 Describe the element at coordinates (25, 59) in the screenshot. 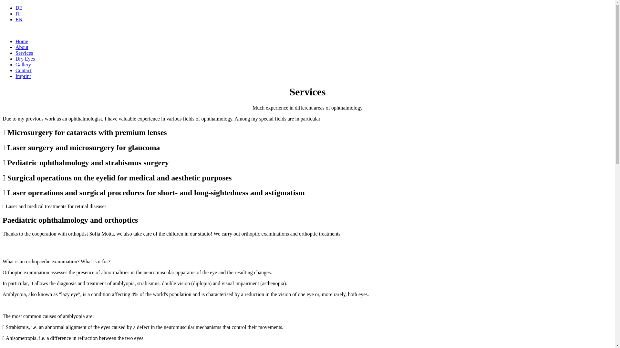

I see `'Dry Eyes'` at that location.